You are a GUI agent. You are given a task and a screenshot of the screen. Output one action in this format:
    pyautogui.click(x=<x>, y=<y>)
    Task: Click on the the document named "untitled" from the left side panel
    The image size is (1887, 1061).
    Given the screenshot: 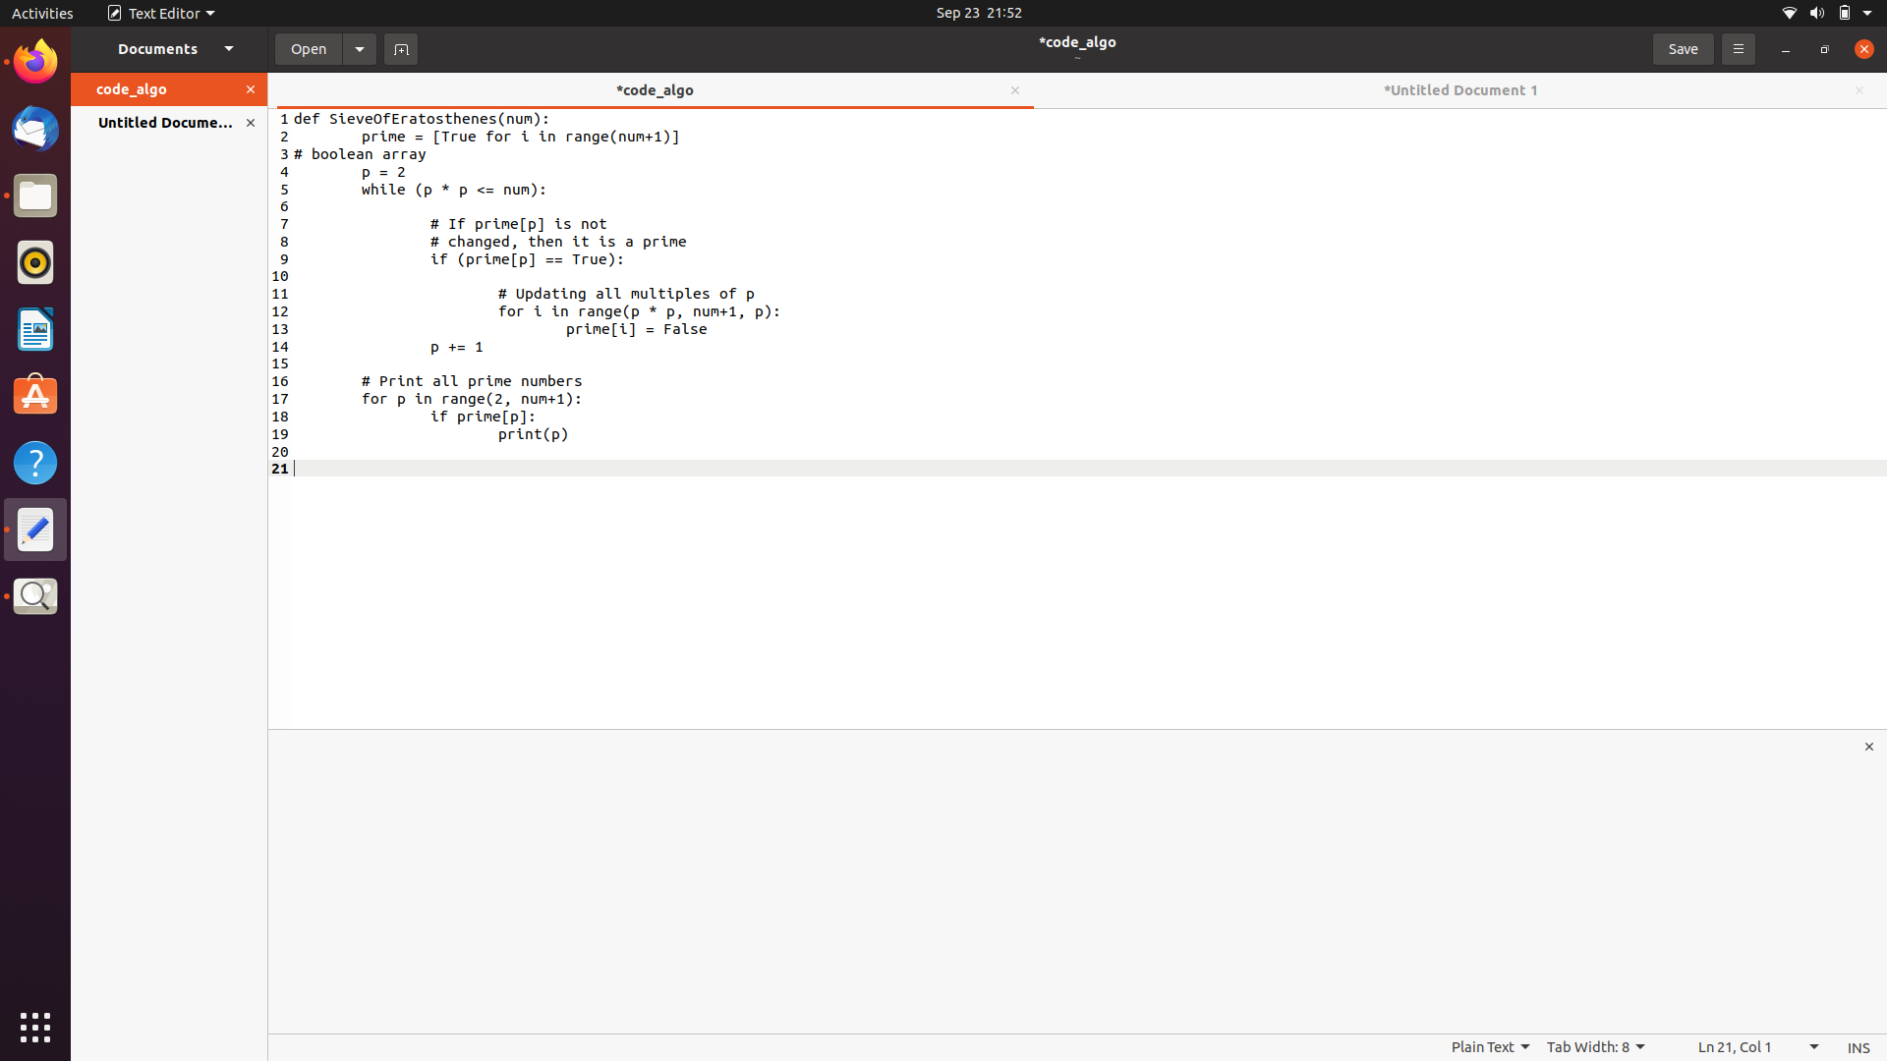 What is the action you would take?
    pyautogui.click(x=154, y=122)
    